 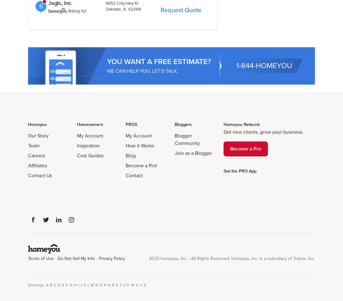 What do you see at coordinates (117, 285) in the screenshot?
I see `'S'` at bounding box center [117, 285].